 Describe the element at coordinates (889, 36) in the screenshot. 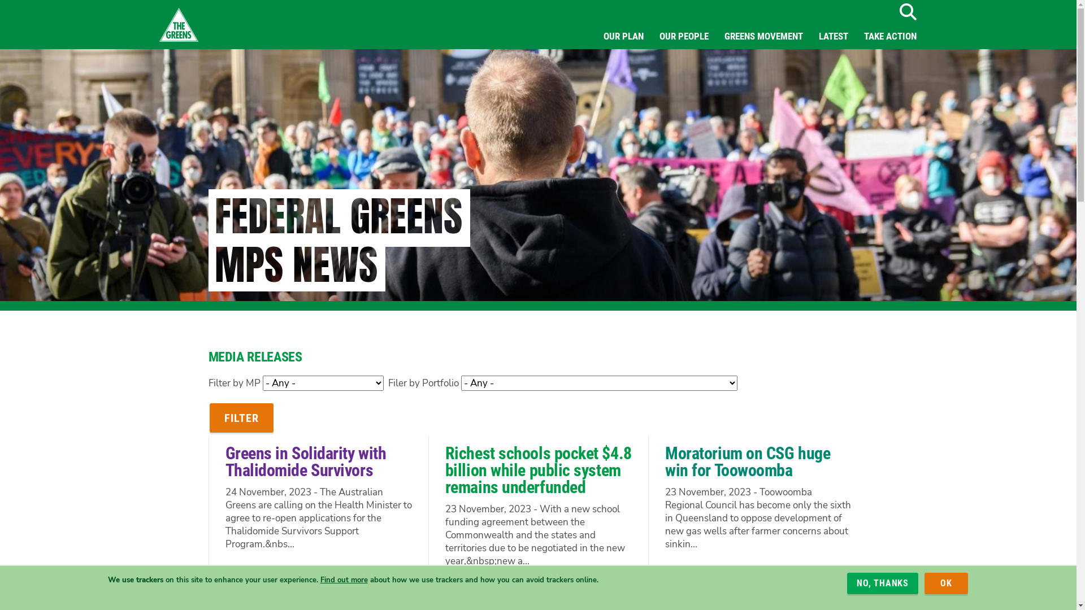

I see `'TAKE ACTION'` at that location.